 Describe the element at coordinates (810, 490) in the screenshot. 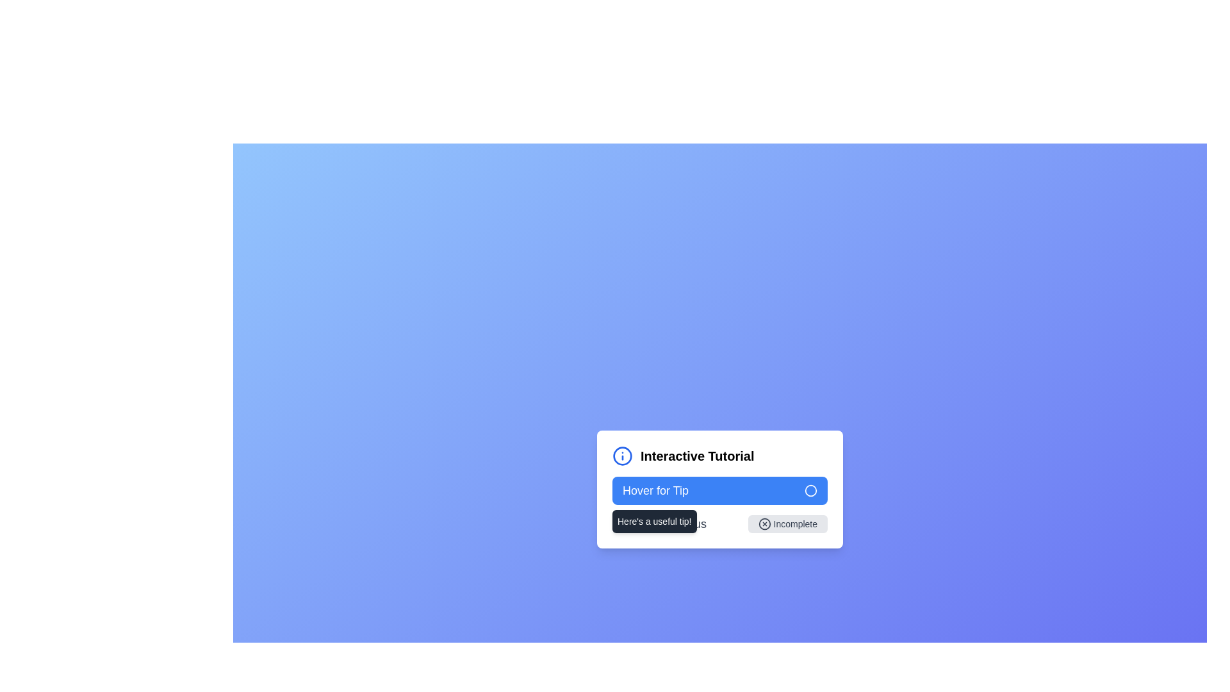

I see `the circular decorative or informative UI element located near the right side of the blue 'Hover for Tip' button` at that location.